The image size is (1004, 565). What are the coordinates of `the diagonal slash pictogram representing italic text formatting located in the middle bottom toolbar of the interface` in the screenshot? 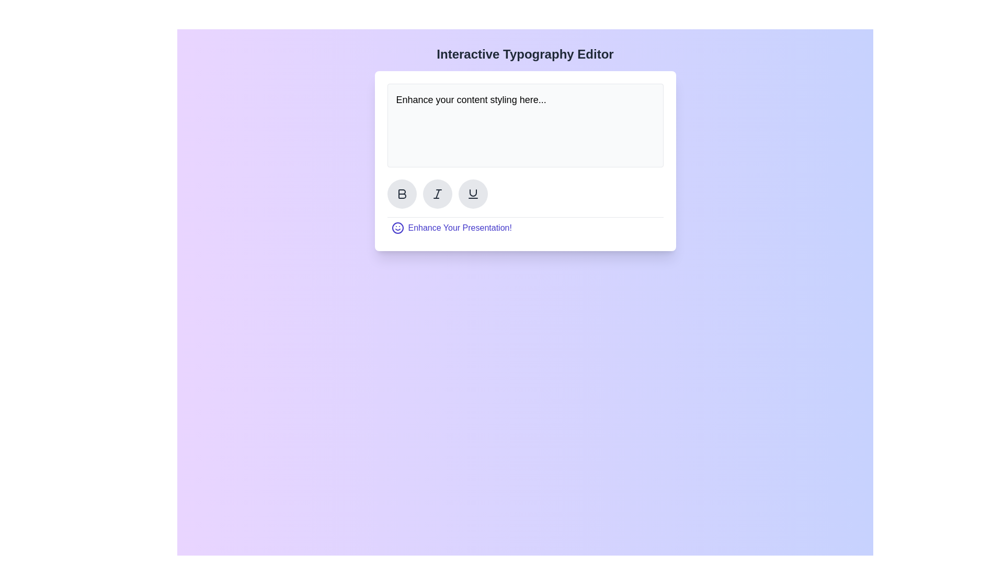 It's located at (437, 194).